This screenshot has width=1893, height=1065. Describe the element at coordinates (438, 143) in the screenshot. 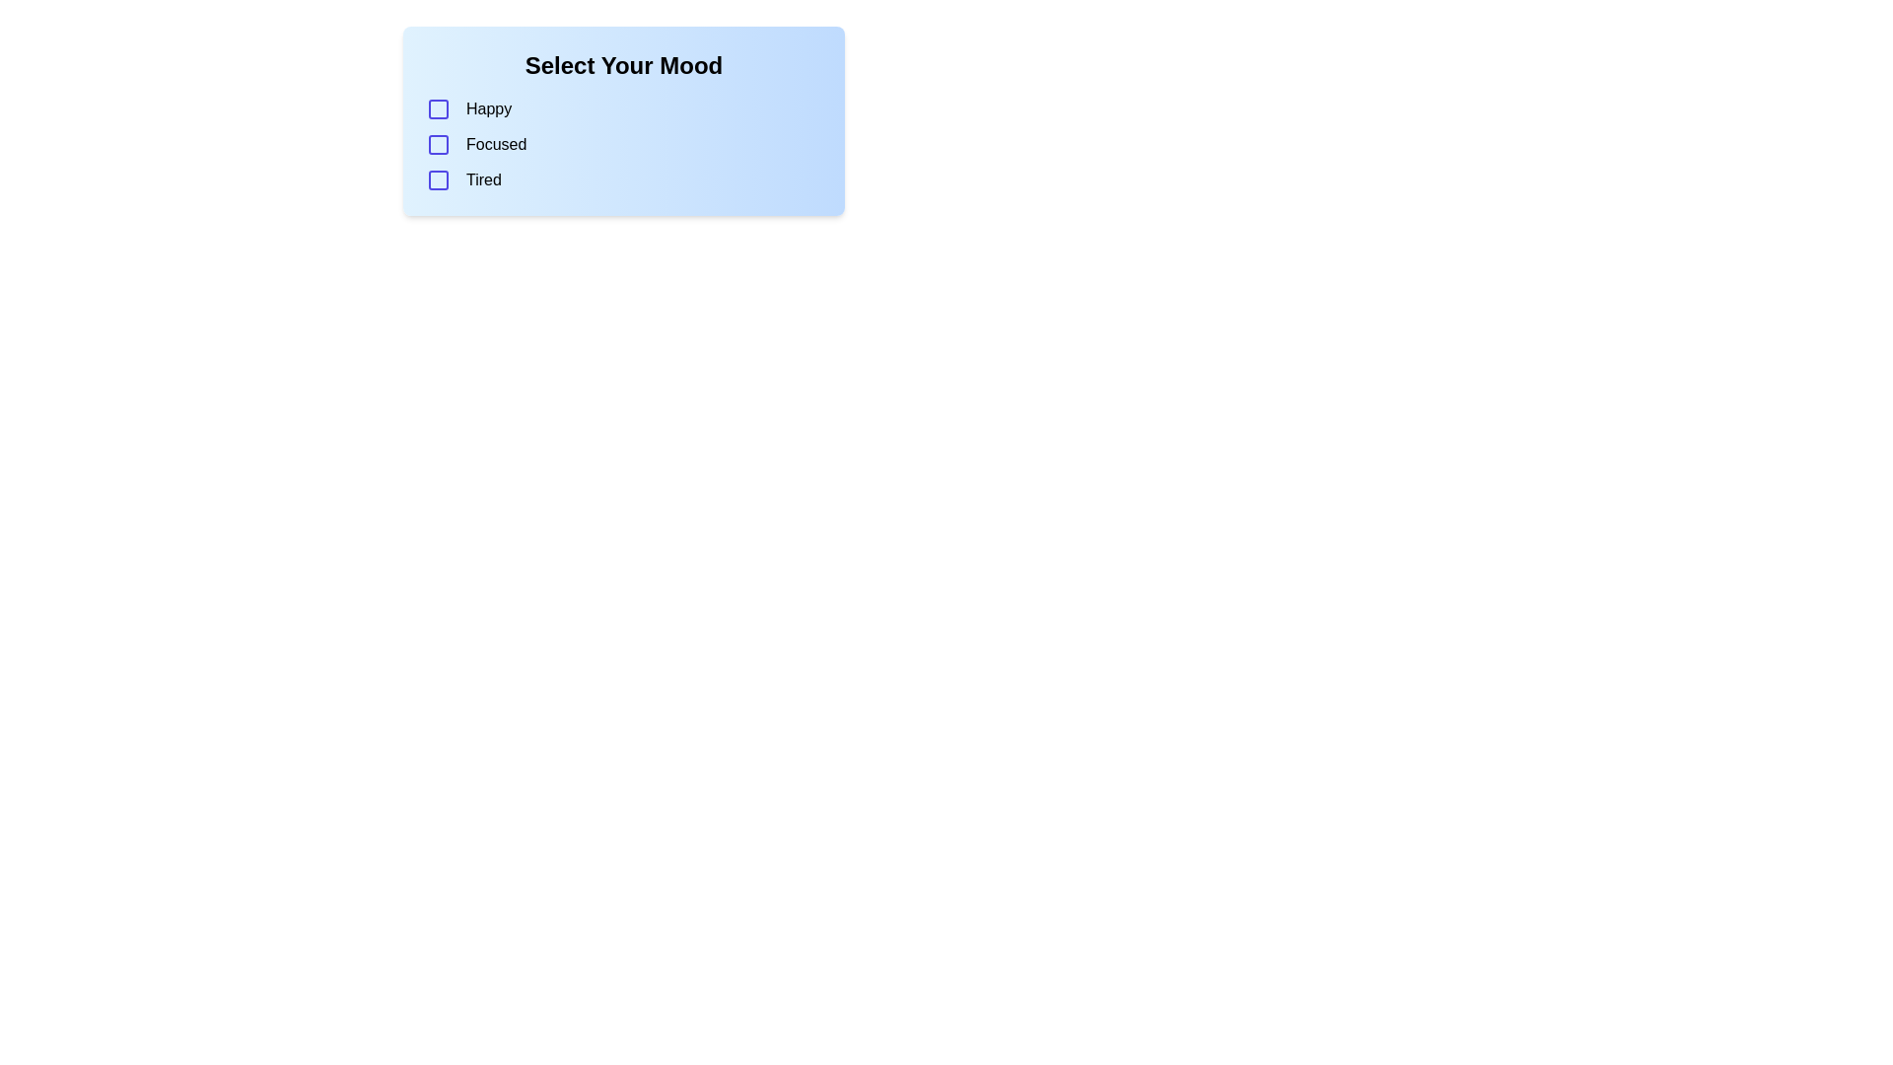

I see `the checkbox labeled 'Focused', which is part of a group of three checkboxes under the heading 'Select Your Mood'` at that location.